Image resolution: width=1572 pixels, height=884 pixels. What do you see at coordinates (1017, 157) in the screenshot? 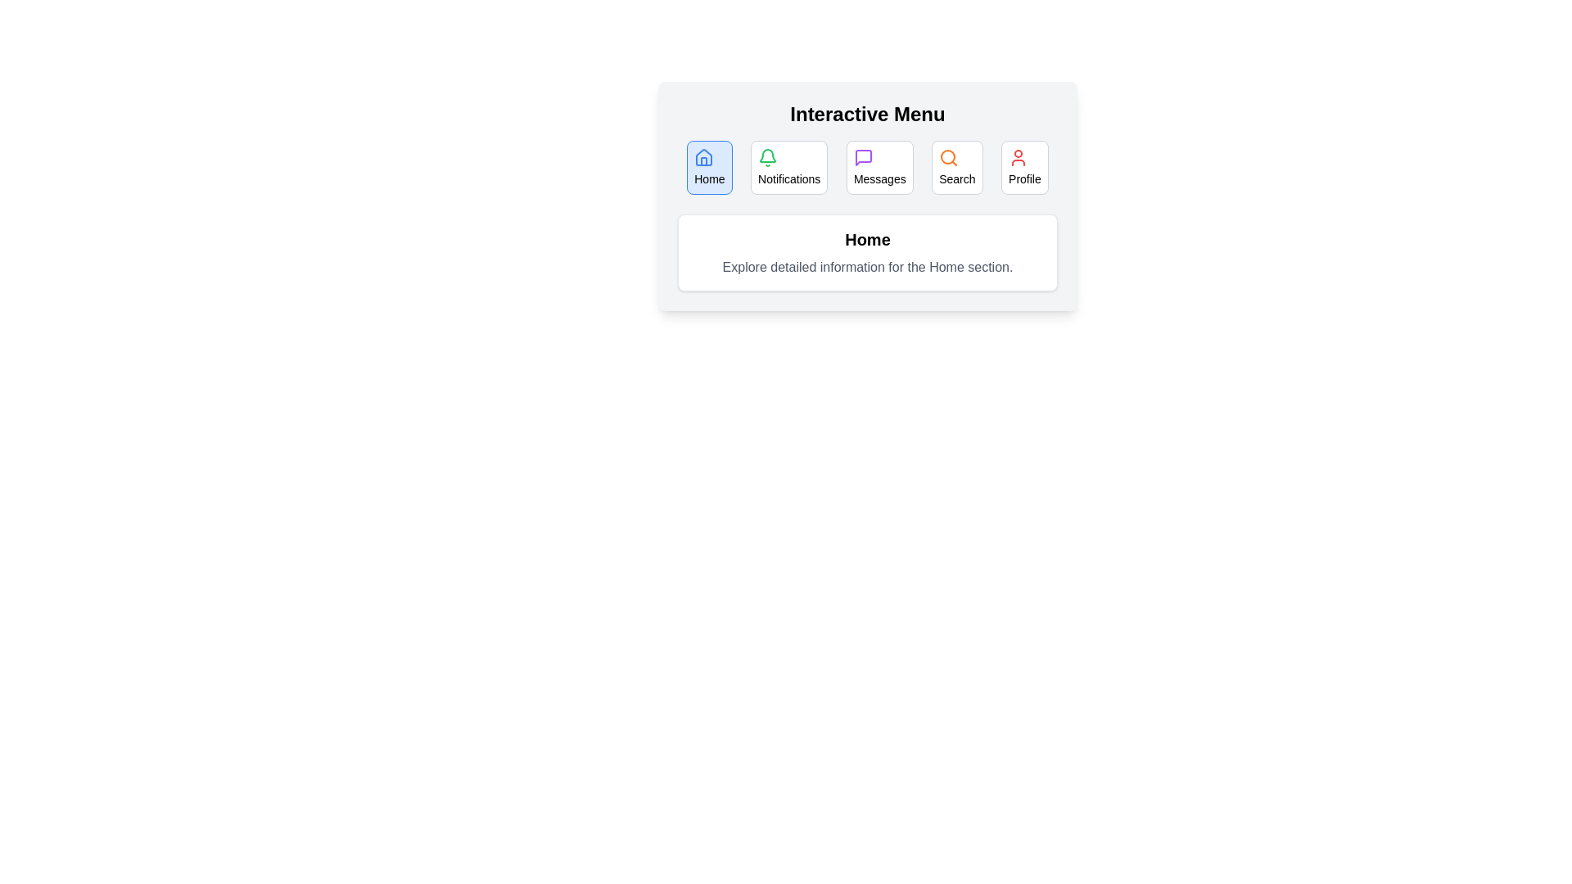
I see `the red user silhouette icon representing the 'Profile' button` at bounding box center [1017, 157].